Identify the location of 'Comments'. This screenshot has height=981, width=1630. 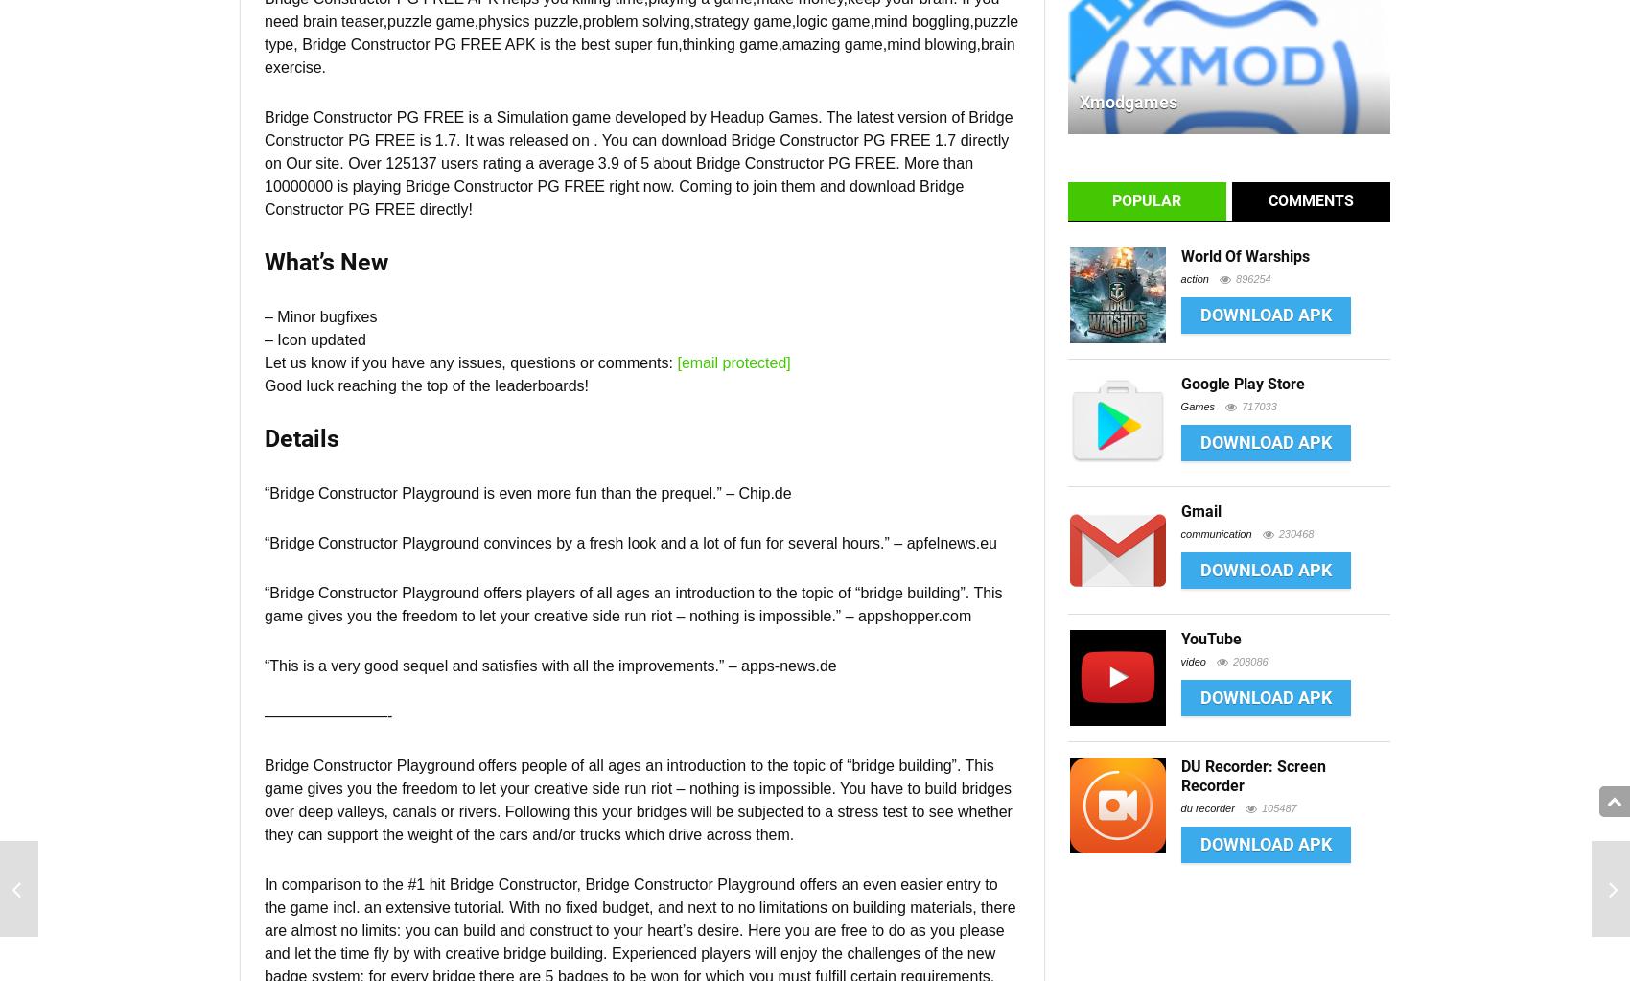
(1311, 199).